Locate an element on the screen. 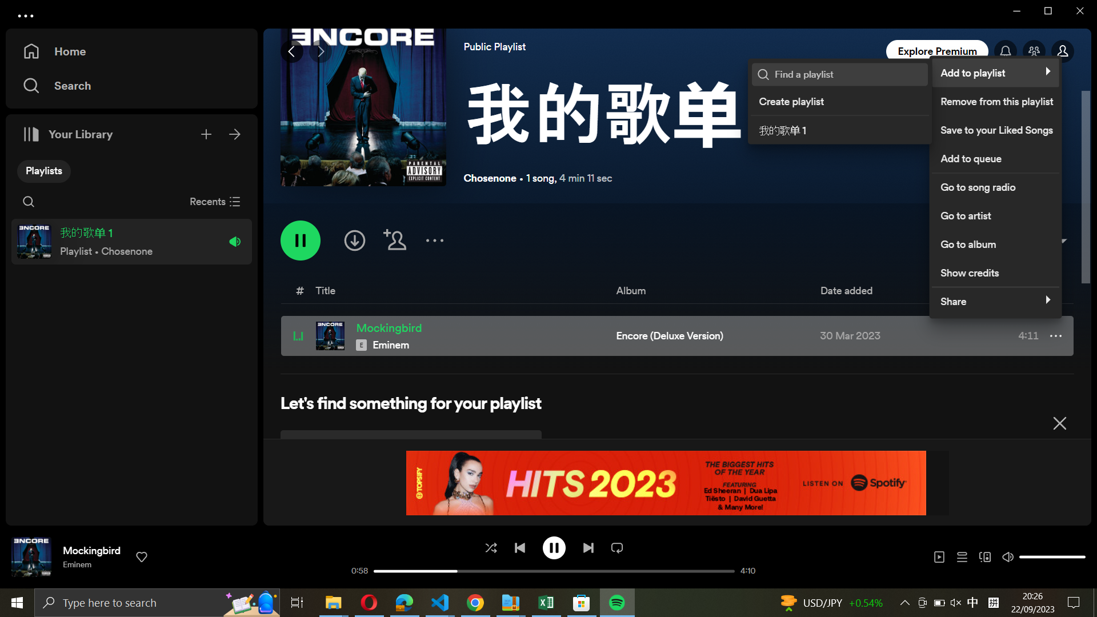 The width and height of the screenshot is (1097, 617). Advance to the next tune is located at coordinates (587, 546).